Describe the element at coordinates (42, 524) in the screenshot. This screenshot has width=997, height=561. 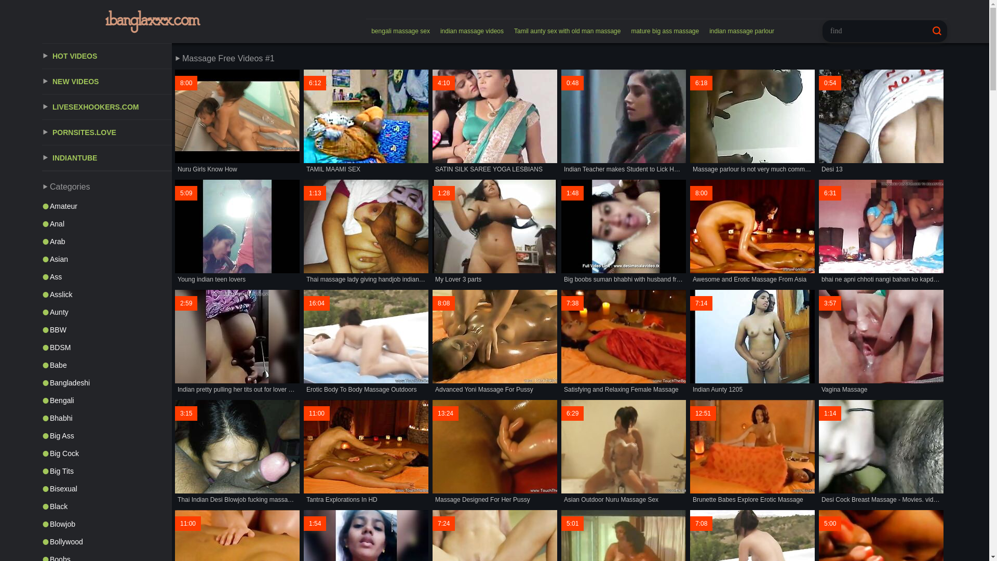
I see `'Blowjob'` at that location.